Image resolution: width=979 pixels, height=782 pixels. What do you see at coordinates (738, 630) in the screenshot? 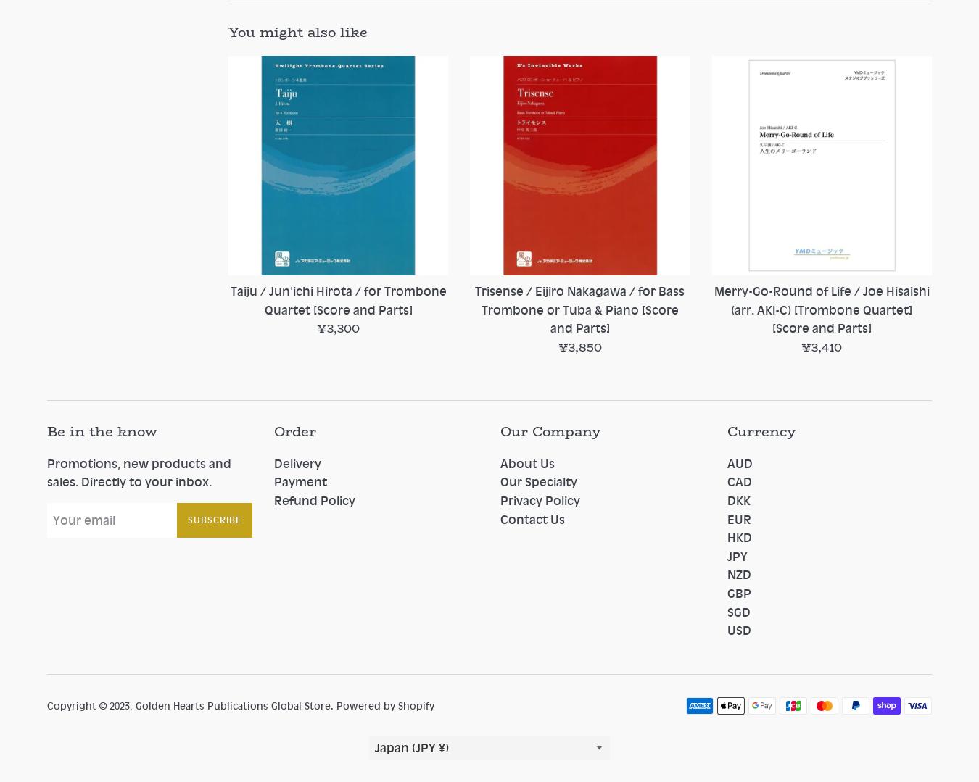
I see `'USD'` at bounding box center [738, 630].